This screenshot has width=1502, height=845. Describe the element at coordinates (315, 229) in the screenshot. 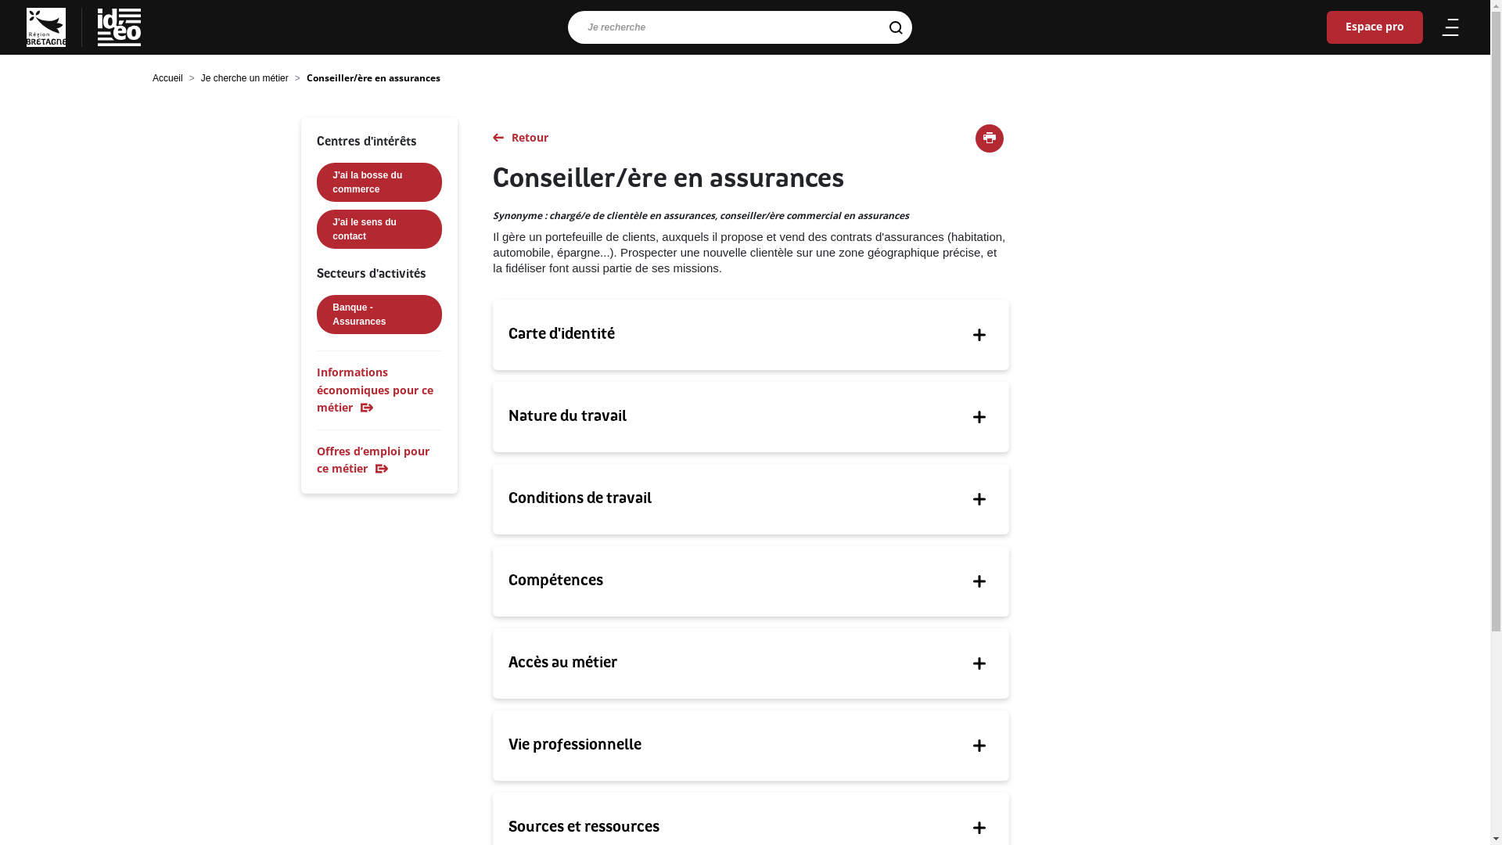

I see `'J'ai le sens du contact'` at that location.